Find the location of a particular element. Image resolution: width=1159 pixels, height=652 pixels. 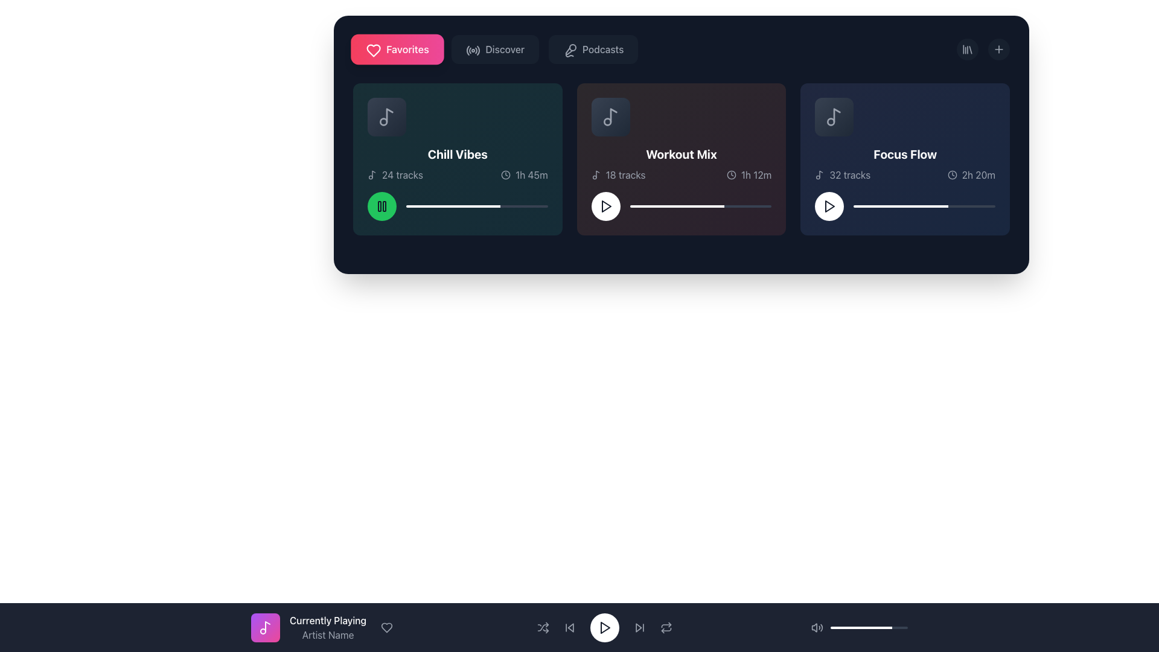

the slider is located at coordinates (484, 206).